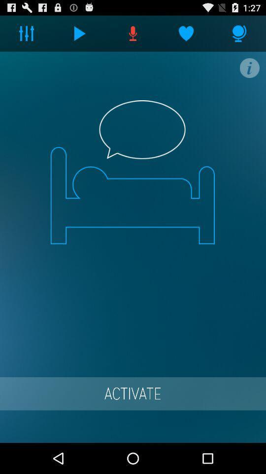 The width and height of the screenshot is (266, 474). Describe the element at coordinates (27, 36) in the screenshot. I see `the sliders icon` at that location.